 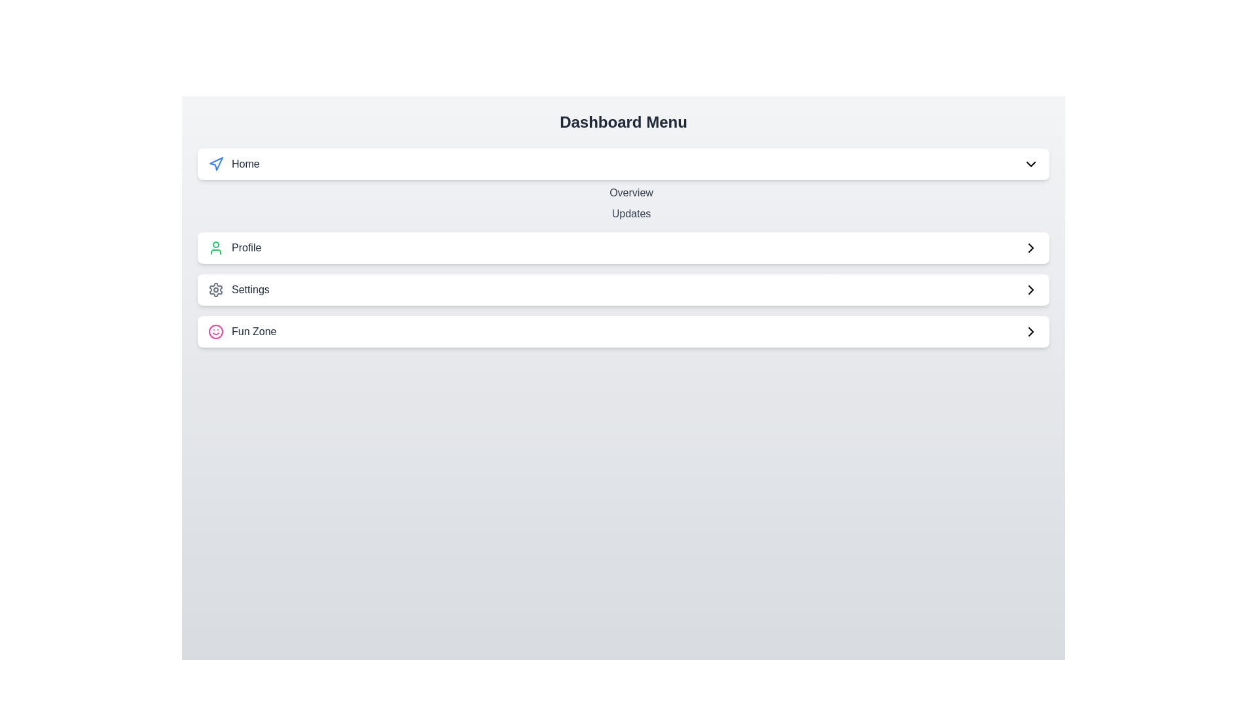 What do you see at coordinates (216, 163) in the screenshot?
I see `the 'Home' menu icon, which is the first item in the navigation list, by clicking on its center` at bounding box center [216, 163].